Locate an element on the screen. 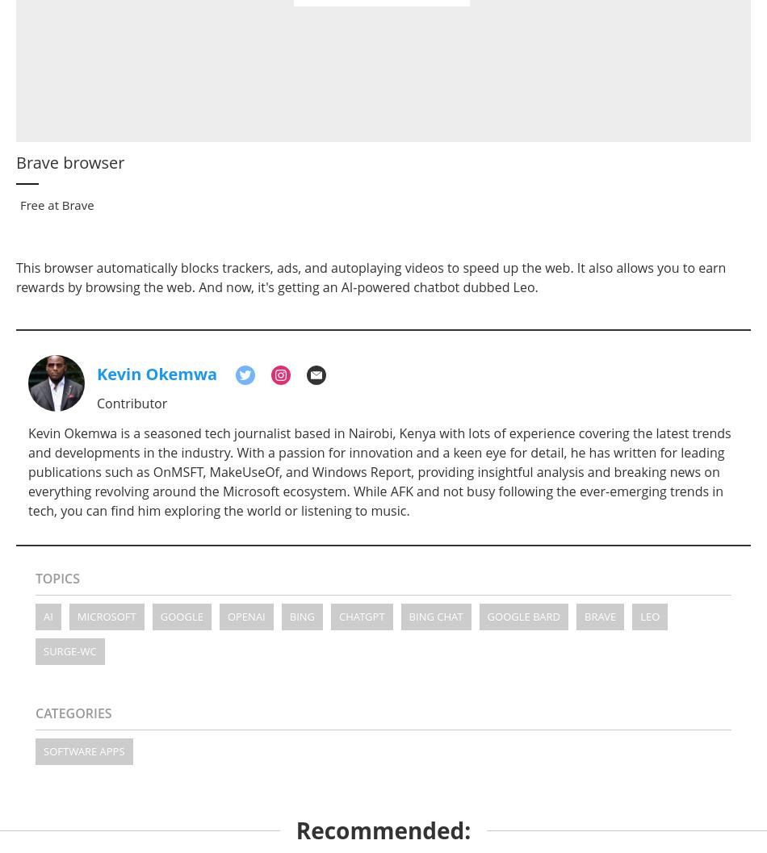  'CATEGORIES' is located at coordinates (73, 712).